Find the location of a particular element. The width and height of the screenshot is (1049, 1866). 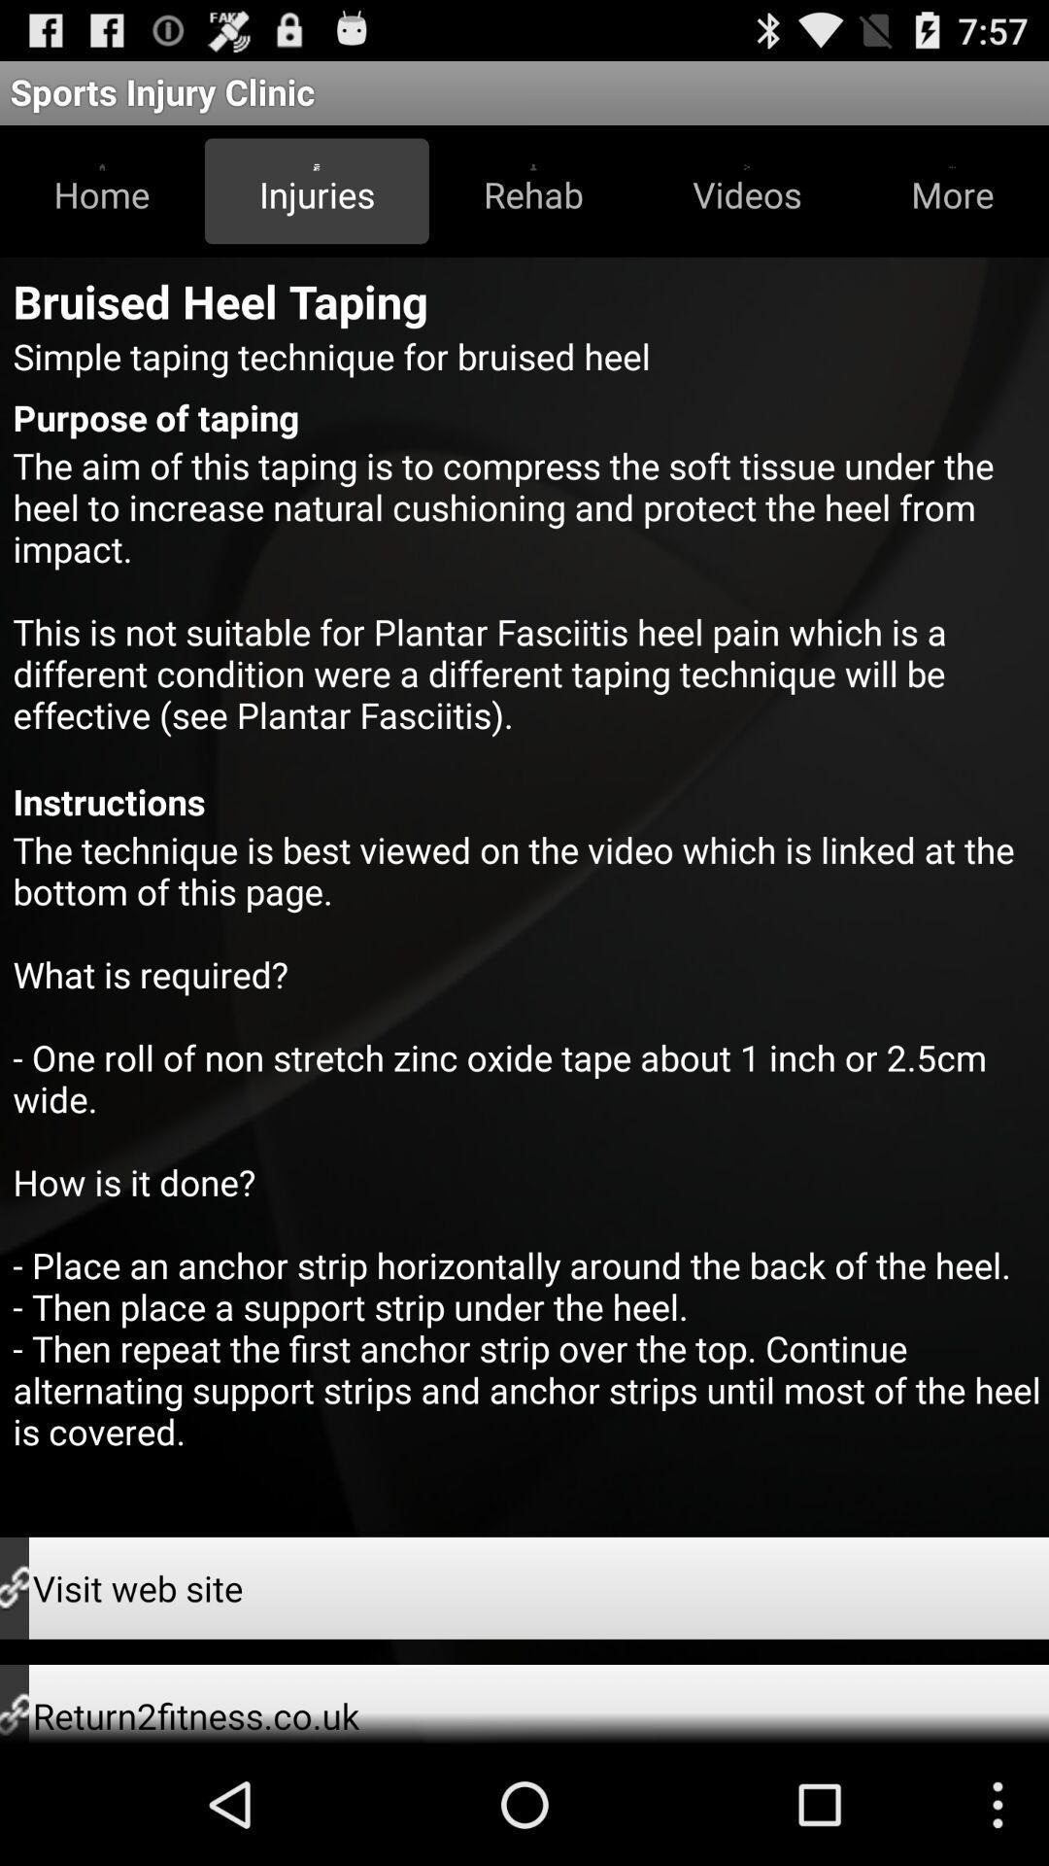

icon above bruised heel taping app is located at coordinates (102, 190).